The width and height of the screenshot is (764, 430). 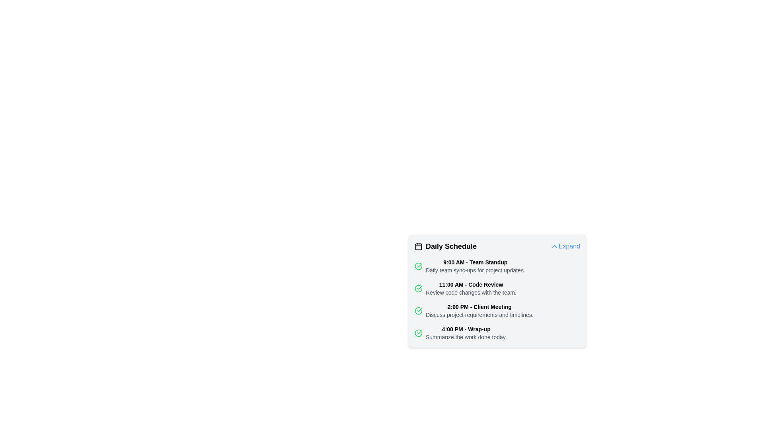 What do you see at coordinates (479, 310) in the screenshot?
I see `the third item in the 'Daily Schedule' list, which is a Text Label displaying the time and summary of a meeting event` at bounding box center [479, 310].